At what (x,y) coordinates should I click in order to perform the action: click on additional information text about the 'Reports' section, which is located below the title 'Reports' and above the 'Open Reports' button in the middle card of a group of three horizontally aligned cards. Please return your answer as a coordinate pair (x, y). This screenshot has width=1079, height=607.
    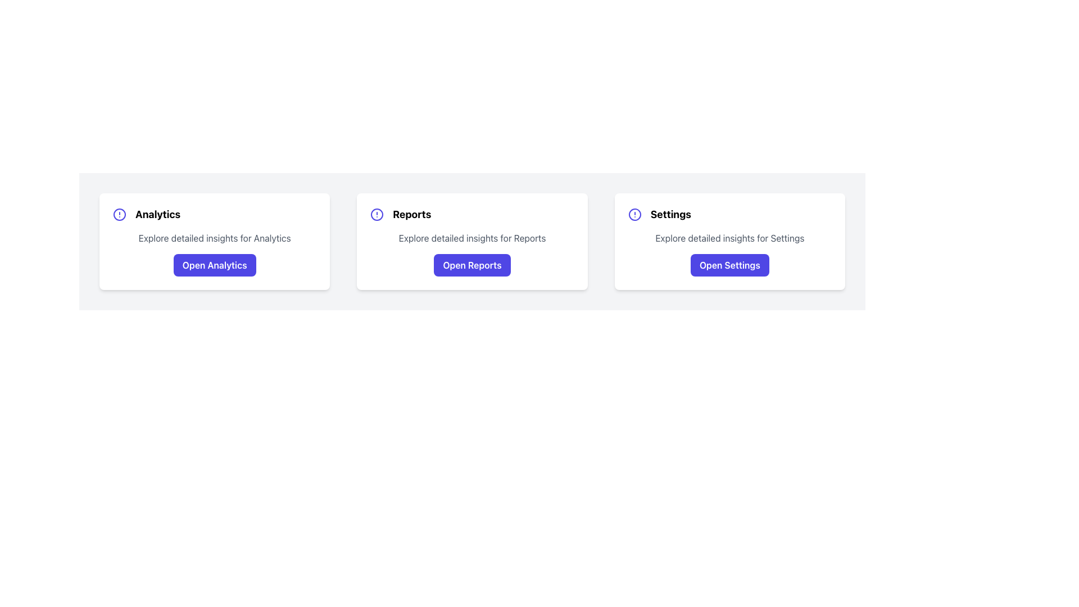
    Looking at the image, I should click on (472, 238).